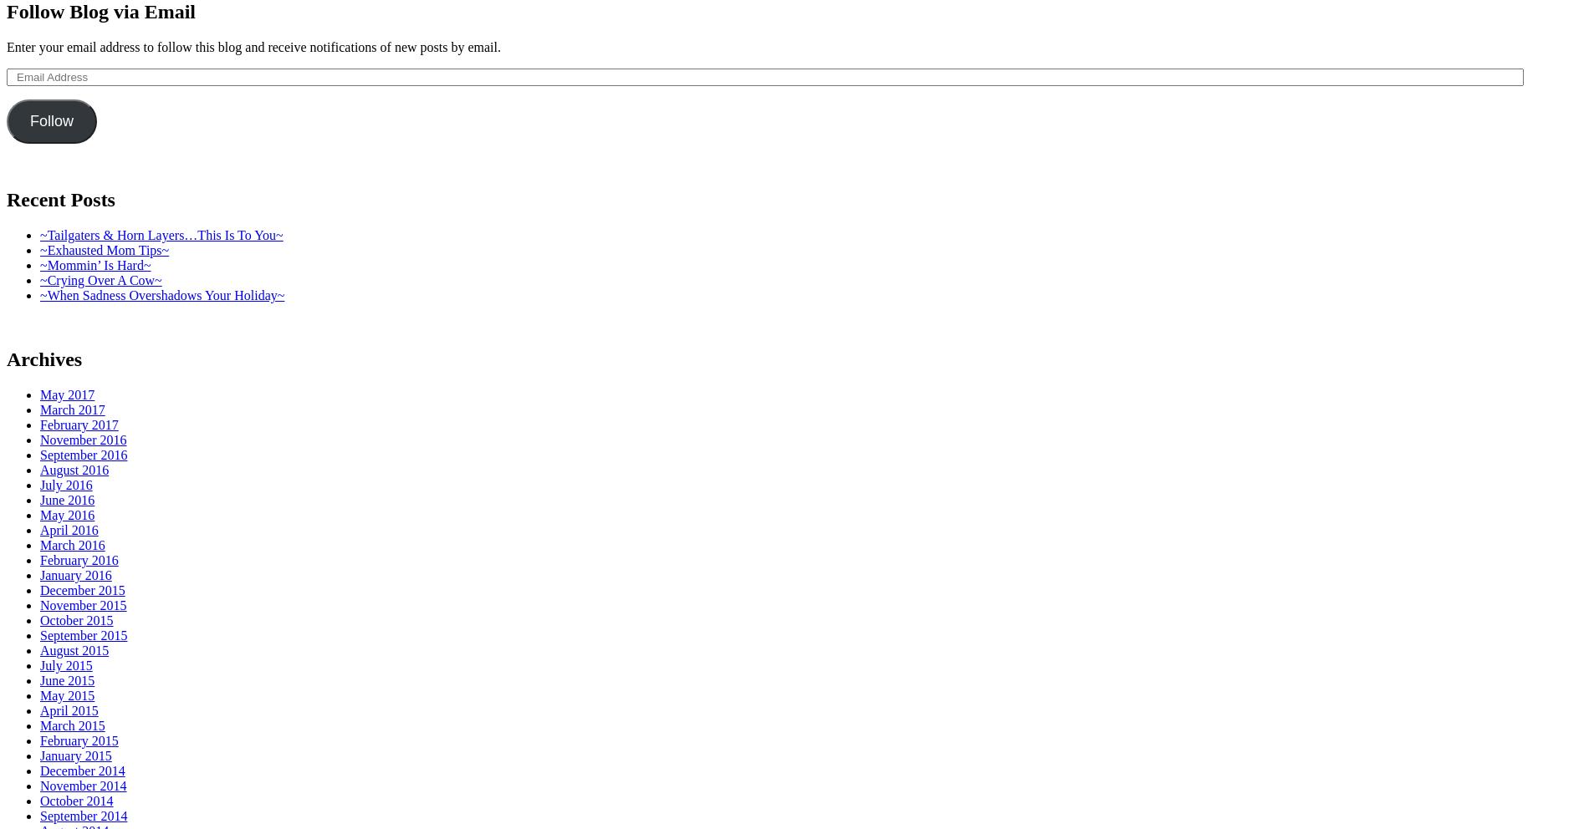 This screenshot has height=829, width=1589. I want to click on 'April 2016', so click(69, 529).